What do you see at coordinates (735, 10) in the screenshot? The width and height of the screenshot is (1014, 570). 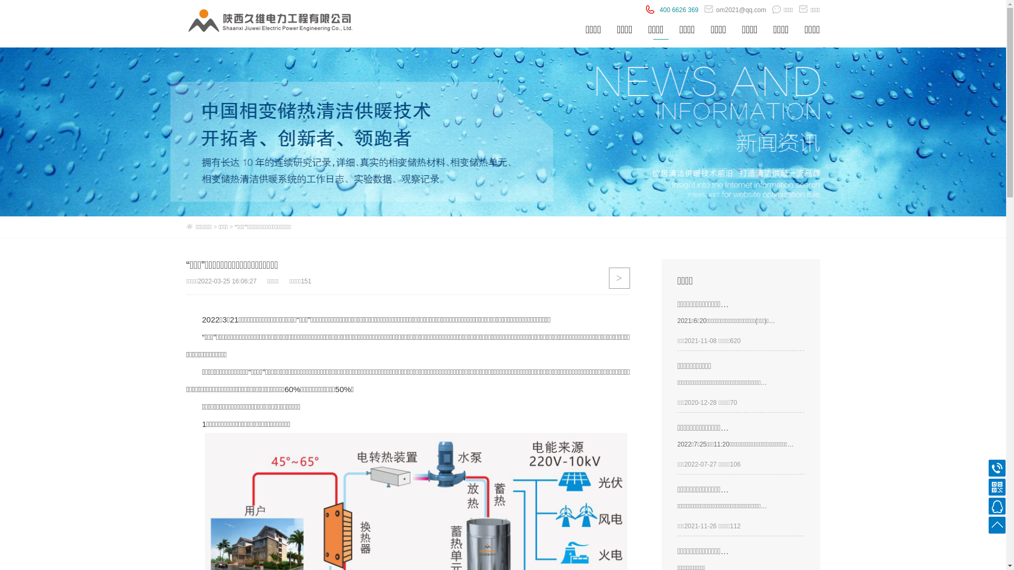 I see `'om2021@qq.com'` at bounding box center [735, 10].